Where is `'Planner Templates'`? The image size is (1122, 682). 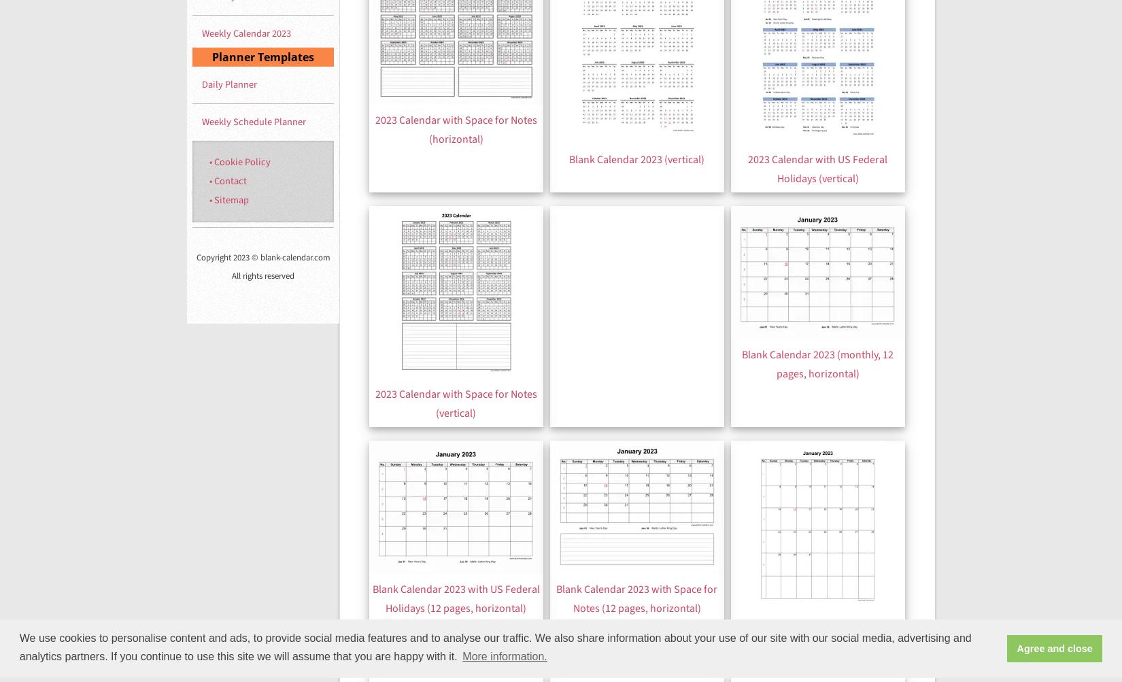
'Planner Templates' is located at coordinates (212, 56).